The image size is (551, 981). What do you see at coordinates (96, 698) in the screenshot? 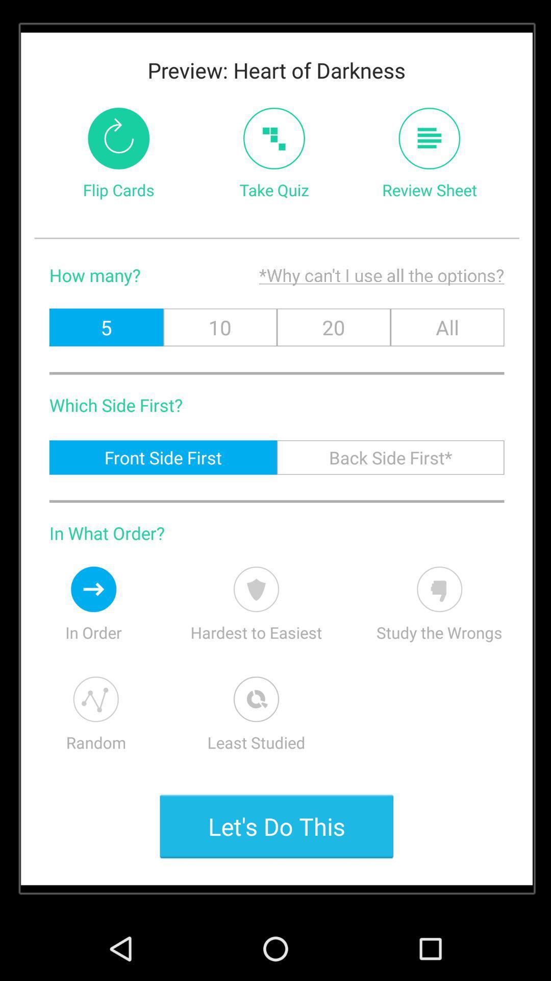
I see `order randomly buttom` at bounding box center [96, 698].